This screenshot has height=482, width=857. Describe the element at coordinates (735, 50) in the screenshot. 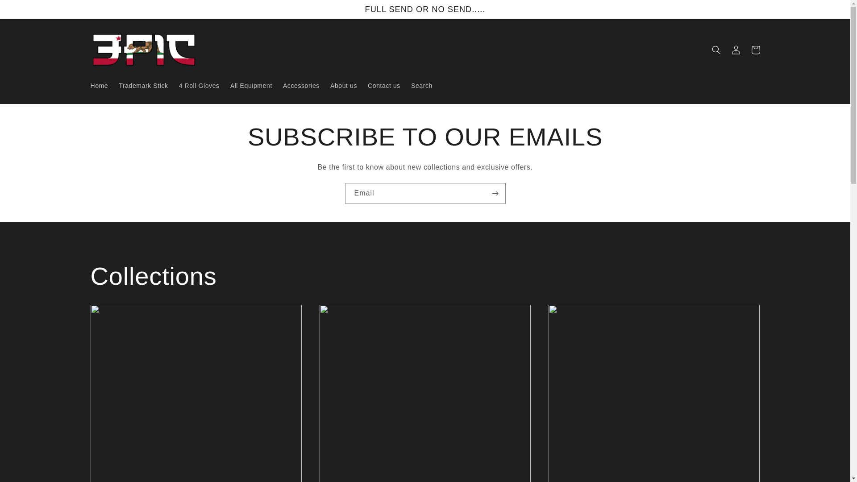

I see `'Log in'` at that location.